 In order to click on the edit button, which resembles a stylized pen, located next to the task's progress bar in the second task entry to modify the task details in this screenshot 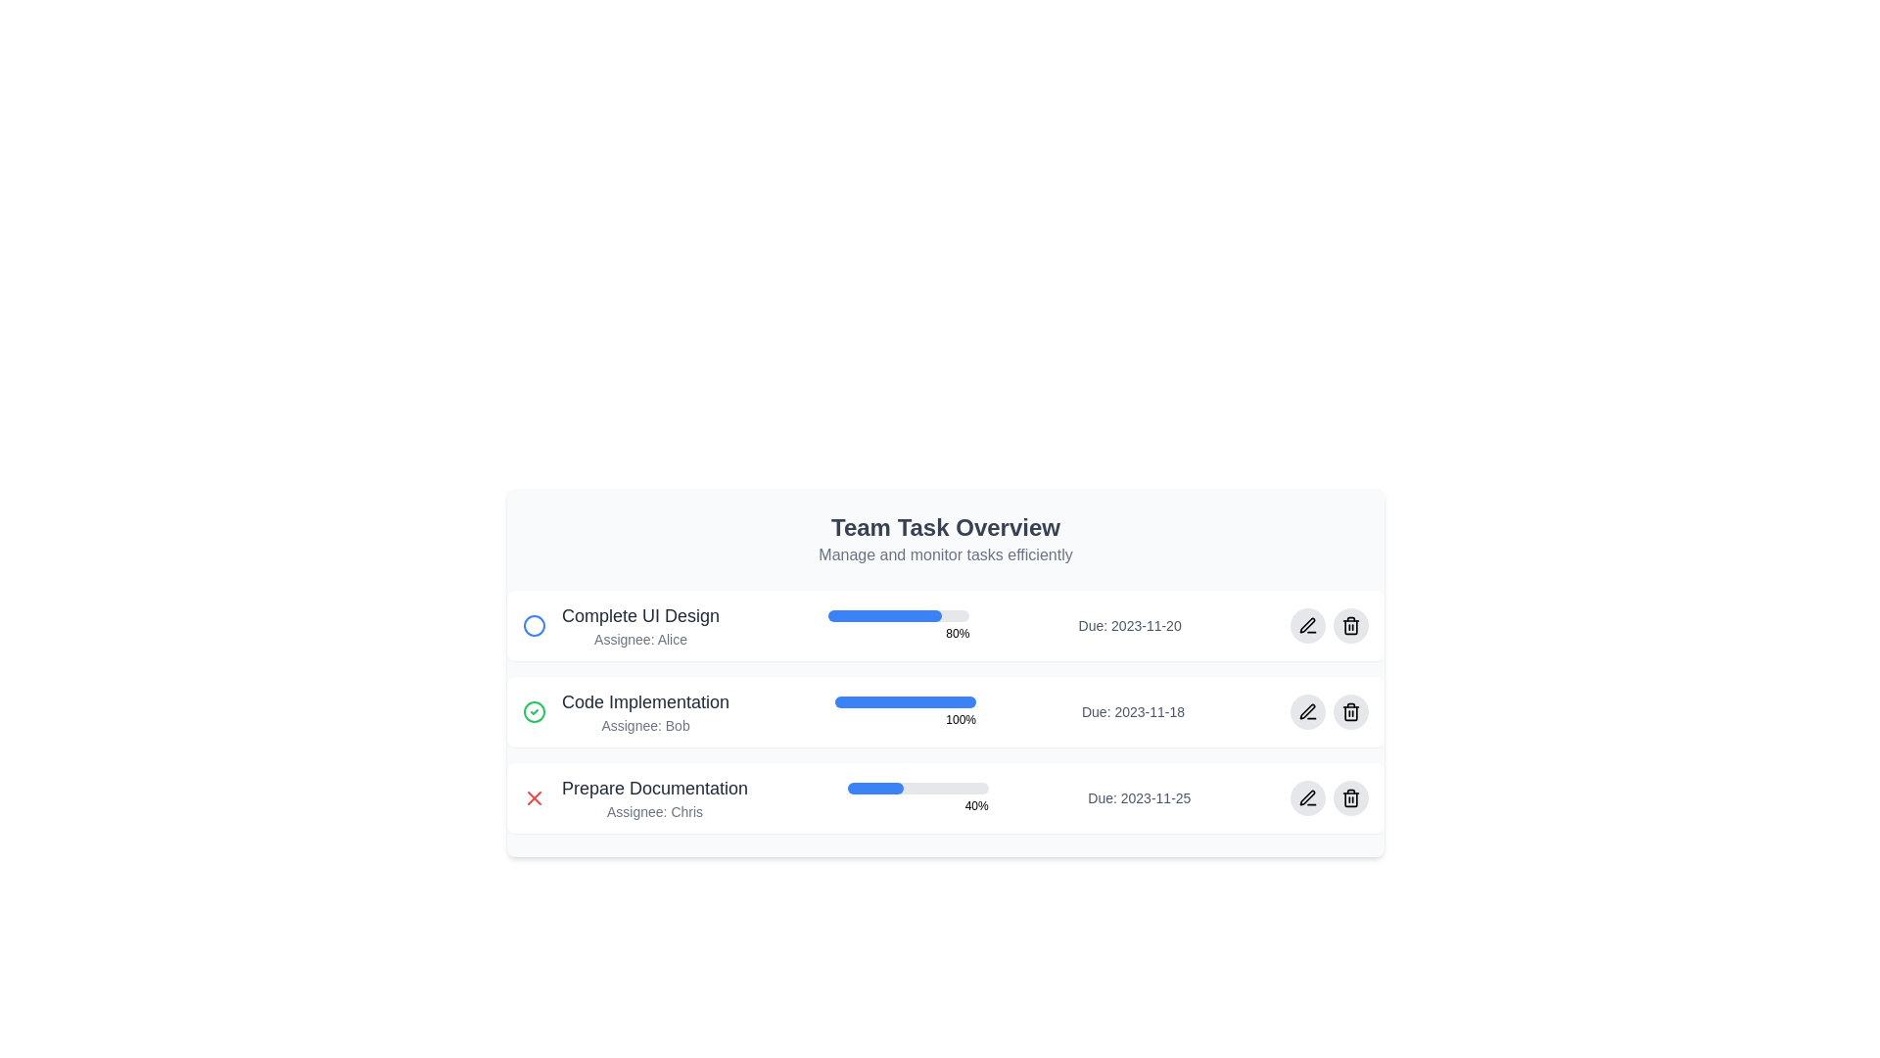, I will do `click(1307, 711)`.